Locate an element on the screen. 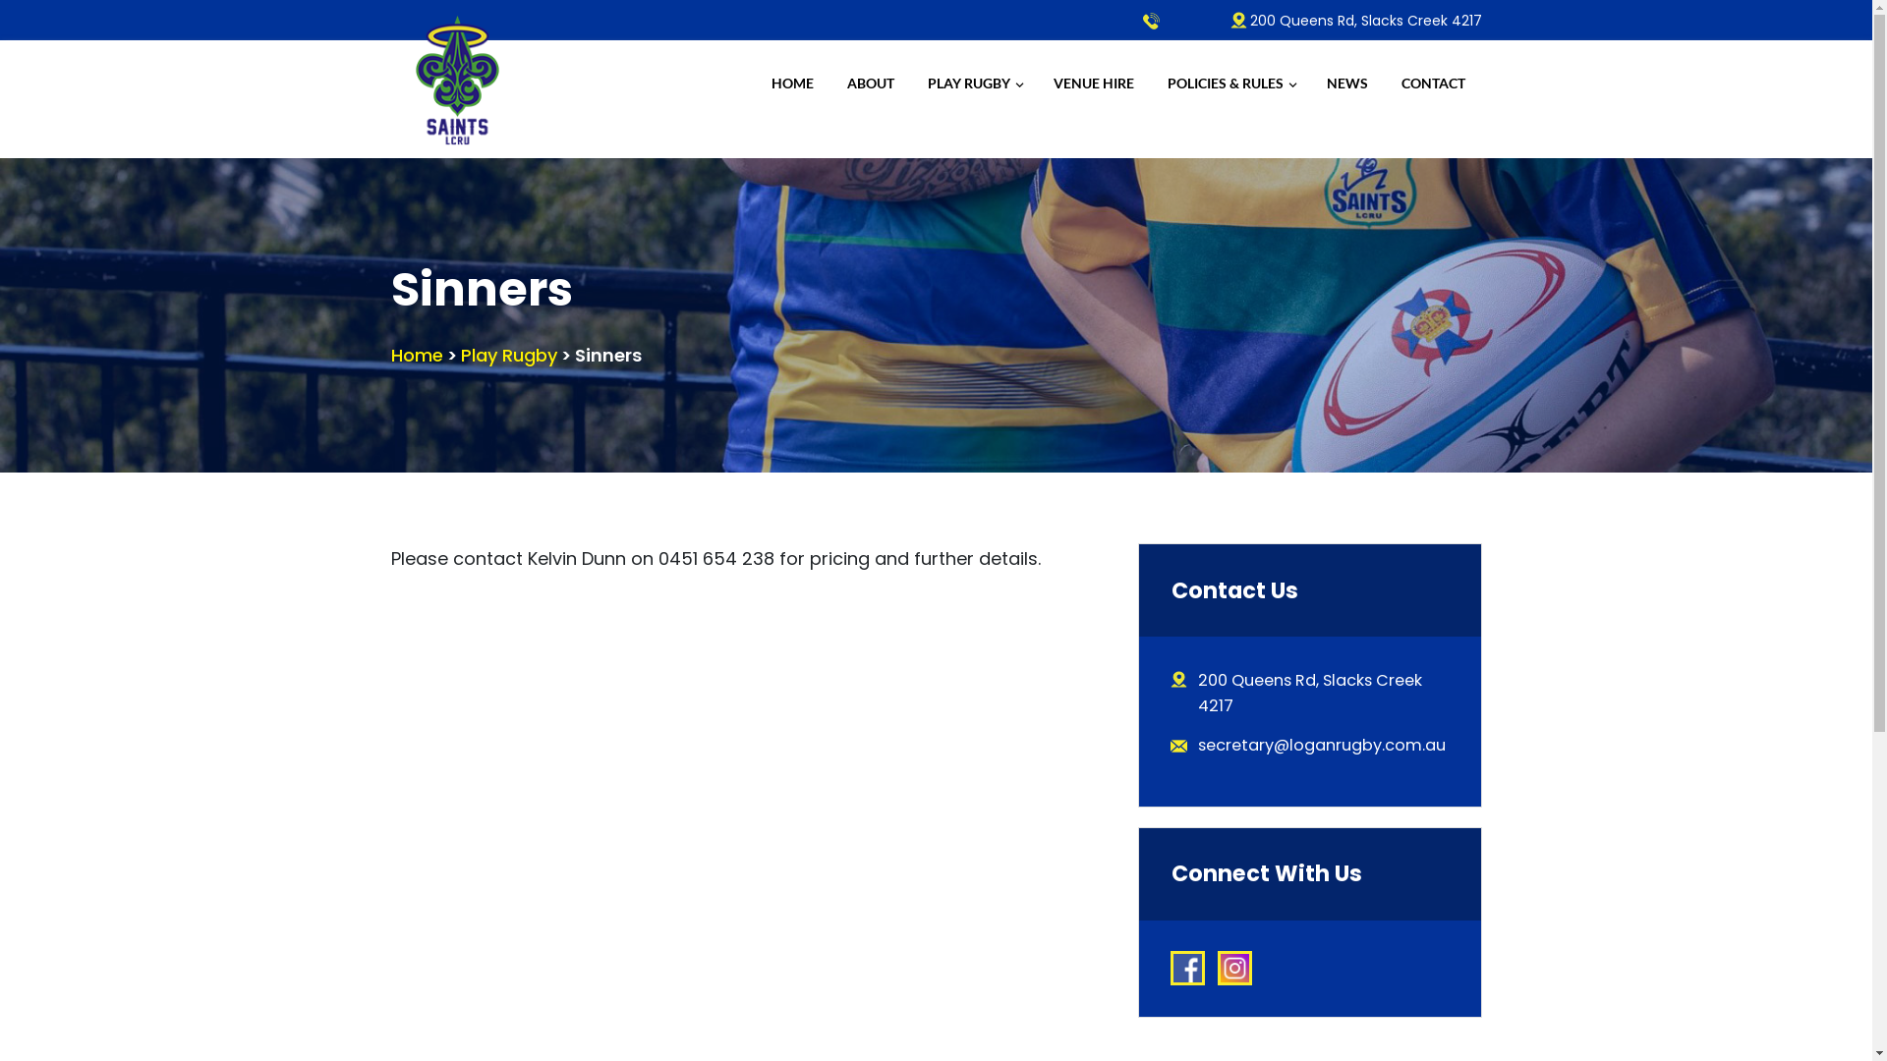  'PLAY RUGBY' is located at coordinates (972, 82).